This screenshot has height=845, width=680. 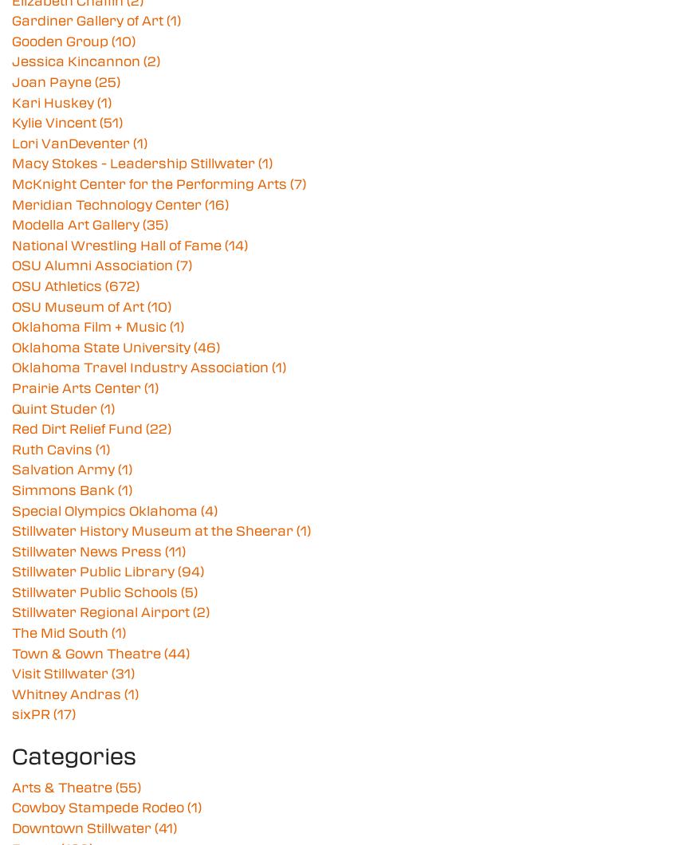 What do you see at coordinates (191, 570) in the screenshot?
I see `'(94)'` at bounding box center [191, 570].